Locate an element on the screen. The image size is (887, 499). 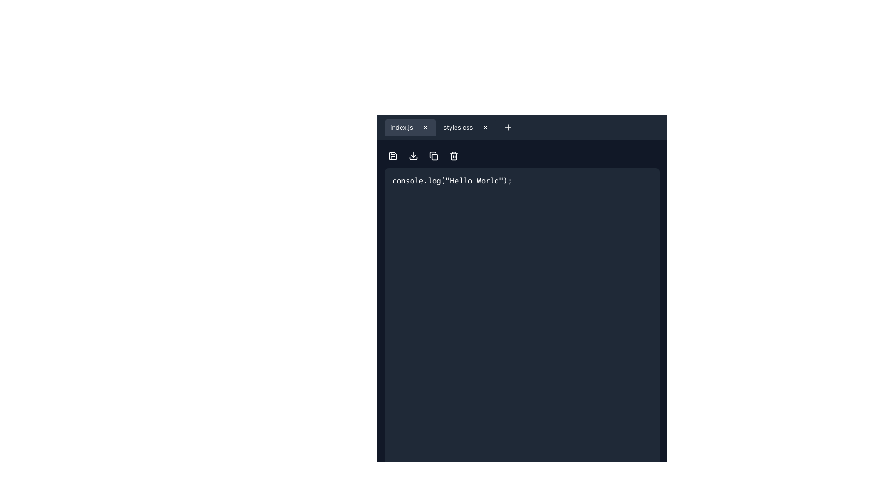
the tab in the tab navigation bar located at the top of the interface is located at coordinates (522, 128).